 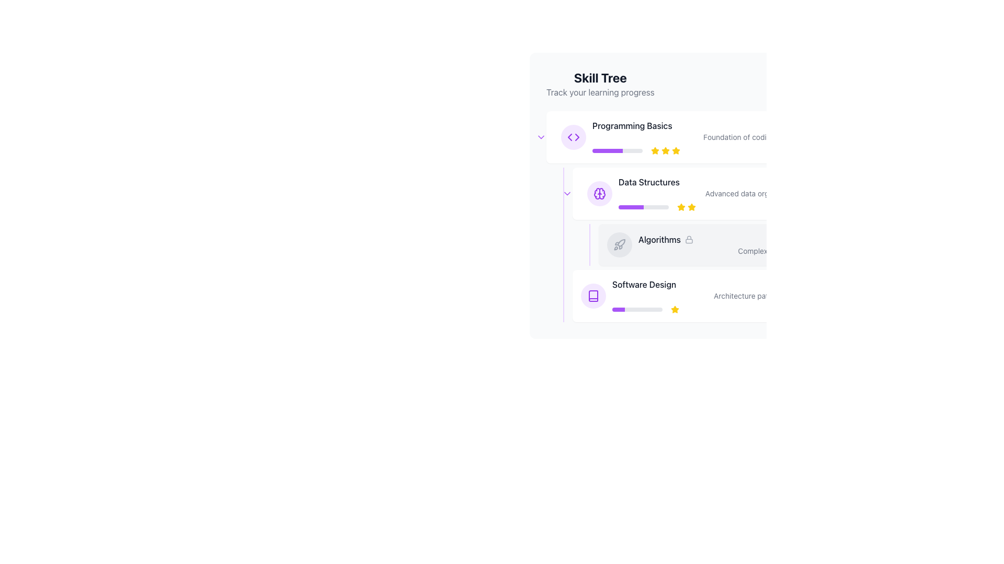 What do you see at coordinates (676, 151) in the screenshot?
I see `the fifth star in the rating scale located adjacent to the 'Programming Basics' section in the Skill Tree UI` at bounding box center [676, 151].